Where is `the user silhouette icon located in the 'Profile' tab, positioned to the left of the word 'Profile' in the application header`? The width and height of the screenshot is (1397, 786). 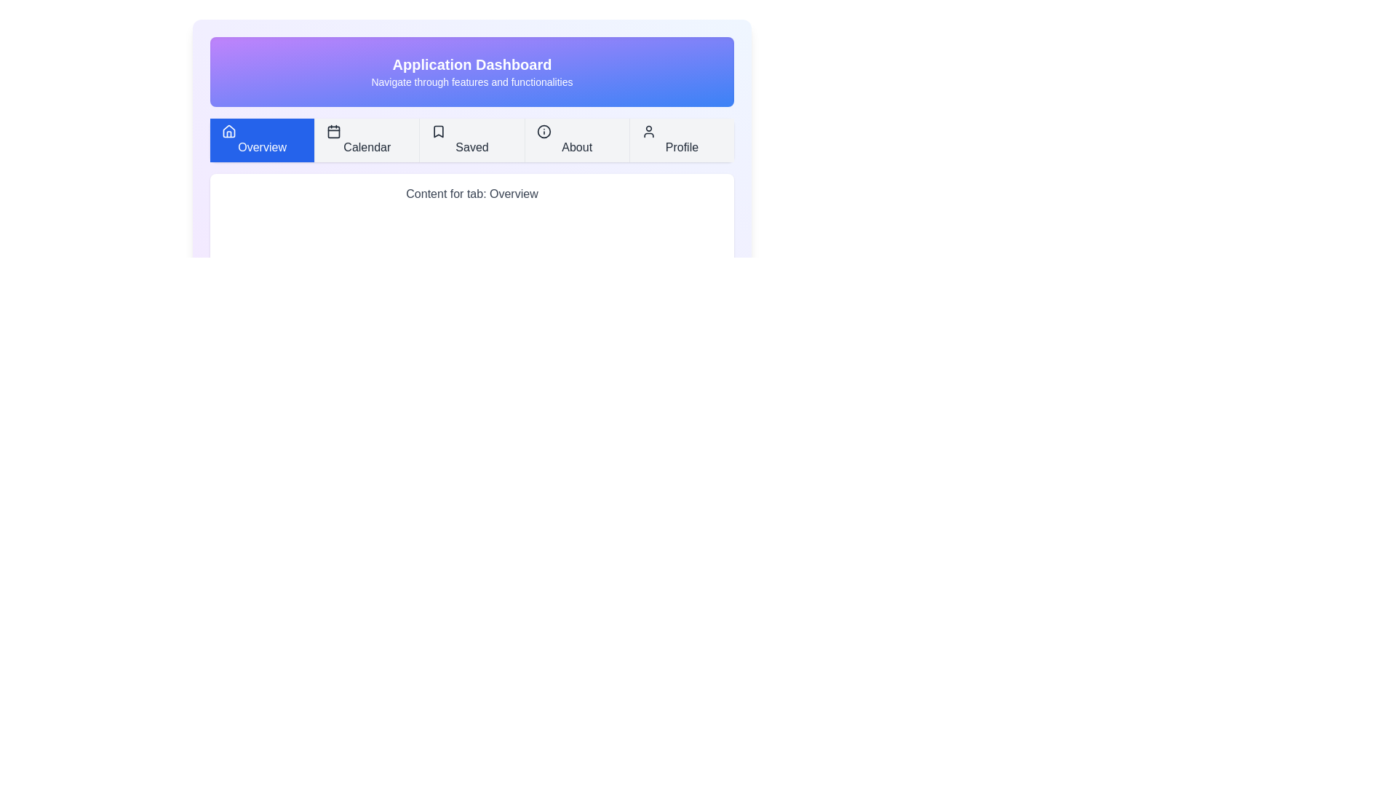
the user silhouette icon located in the 'Profile' tab, positioned to the left of the word 'Profile' in the application header is located at coordinates (648, 132).